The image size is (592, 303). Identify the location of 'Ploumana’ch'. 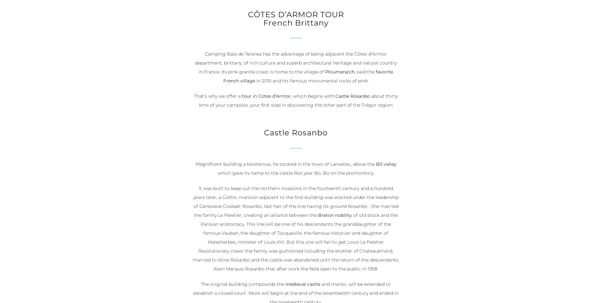
(325, 72).